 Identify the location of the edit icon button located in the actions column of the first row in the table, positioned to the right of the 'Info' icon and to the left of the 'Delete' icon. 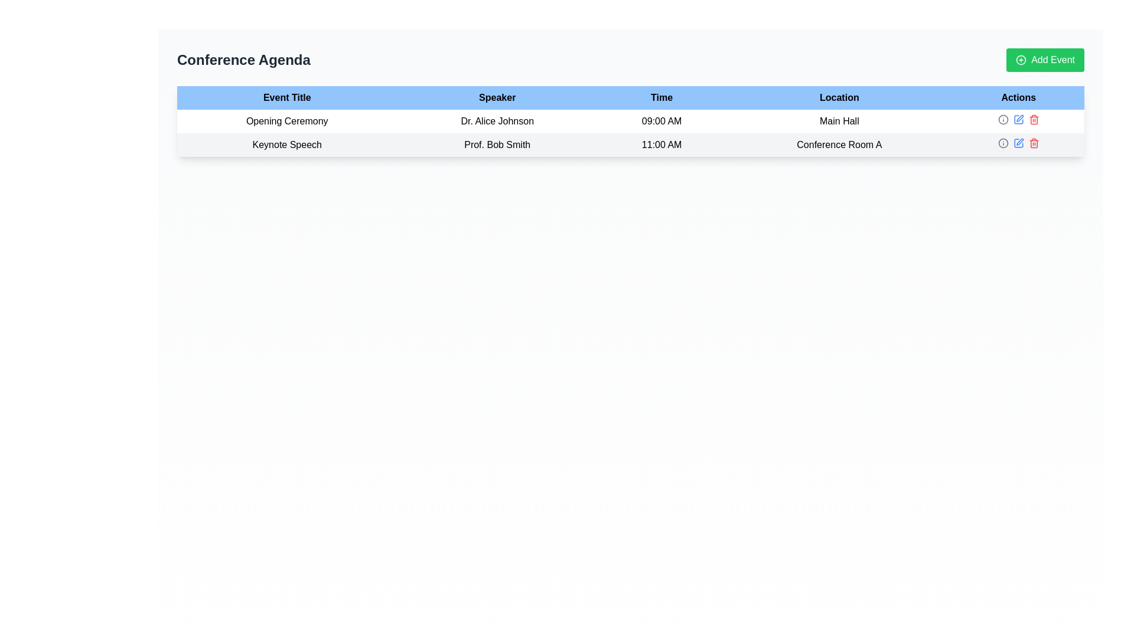
(1018, 120).